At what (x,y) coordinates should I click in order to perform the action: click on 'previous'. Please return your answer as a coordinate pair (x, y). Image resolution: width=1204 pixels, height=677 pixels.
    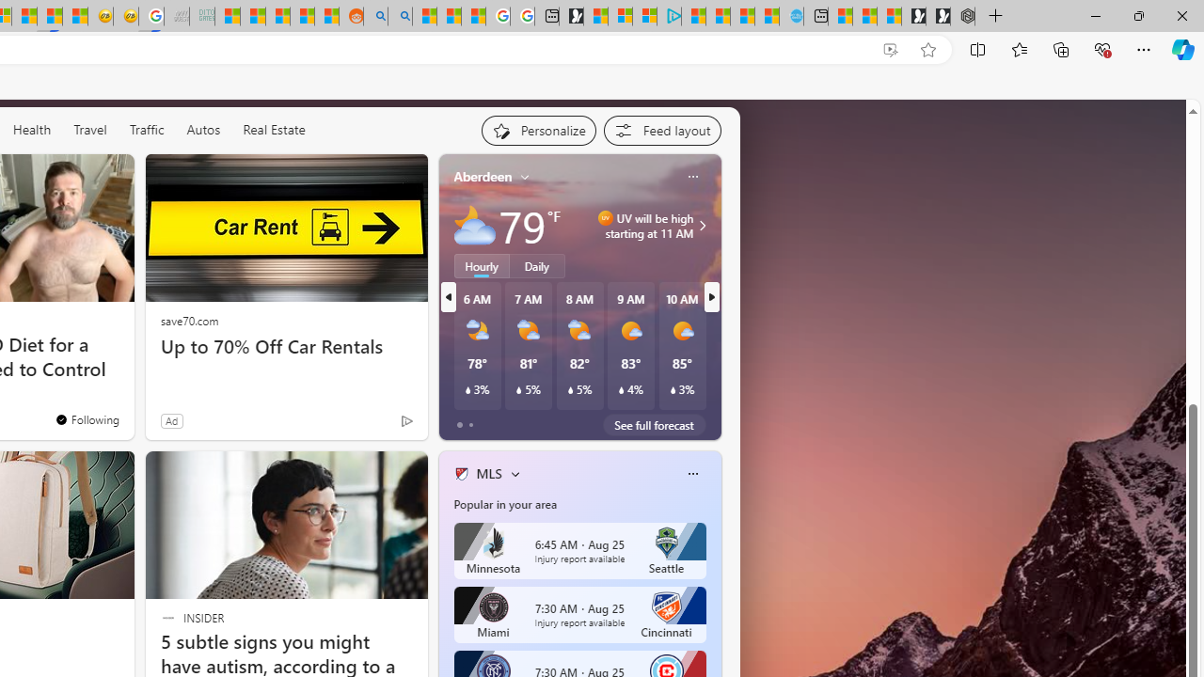
    Looking at the image, I should click on (447, 296).